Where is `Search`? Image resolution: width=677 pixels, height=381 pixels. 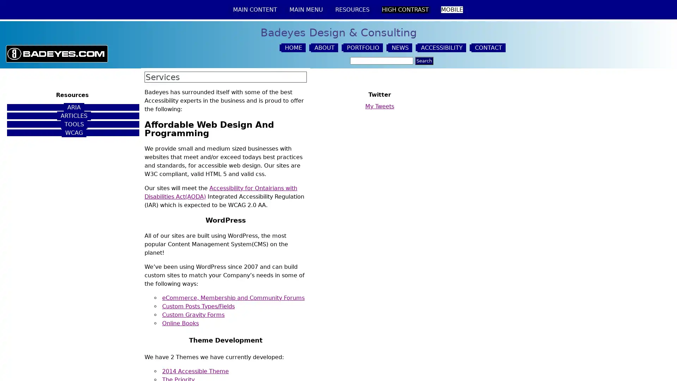
Search is located at coordinates (423, 60).